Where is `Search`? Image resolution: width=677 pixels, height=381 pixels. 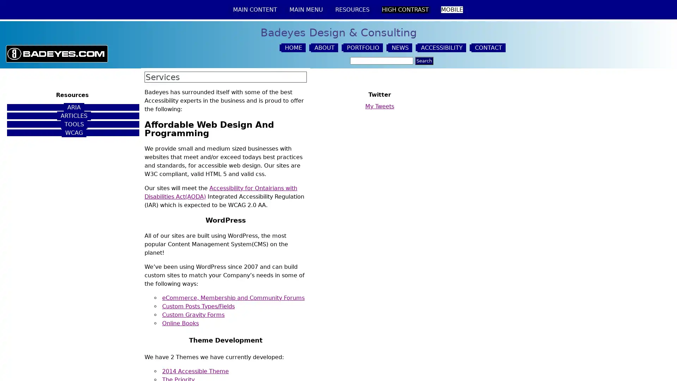
Search is located at coordinates (423, 60).